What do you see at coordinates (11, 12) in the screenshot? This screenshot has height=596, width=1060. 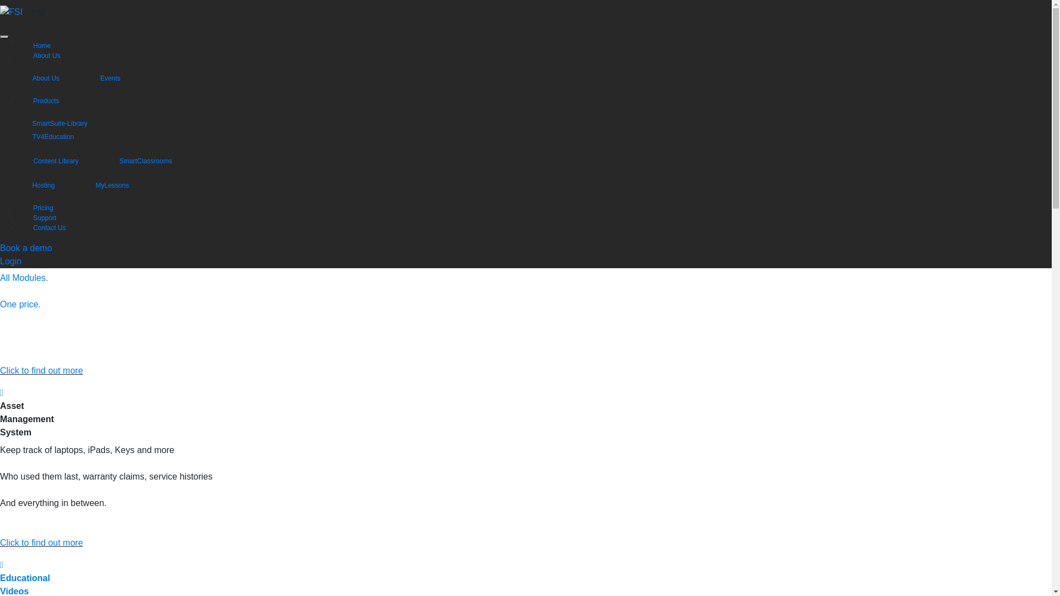 I see `'FSI'` at bounding box center [11, 12].